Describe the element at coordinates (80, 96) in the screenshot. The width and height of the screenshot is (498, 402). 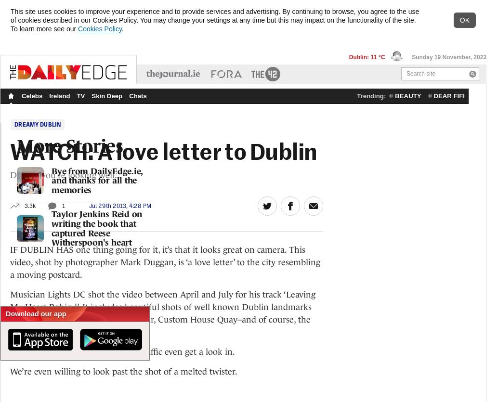
I see `'TV'` at that location.